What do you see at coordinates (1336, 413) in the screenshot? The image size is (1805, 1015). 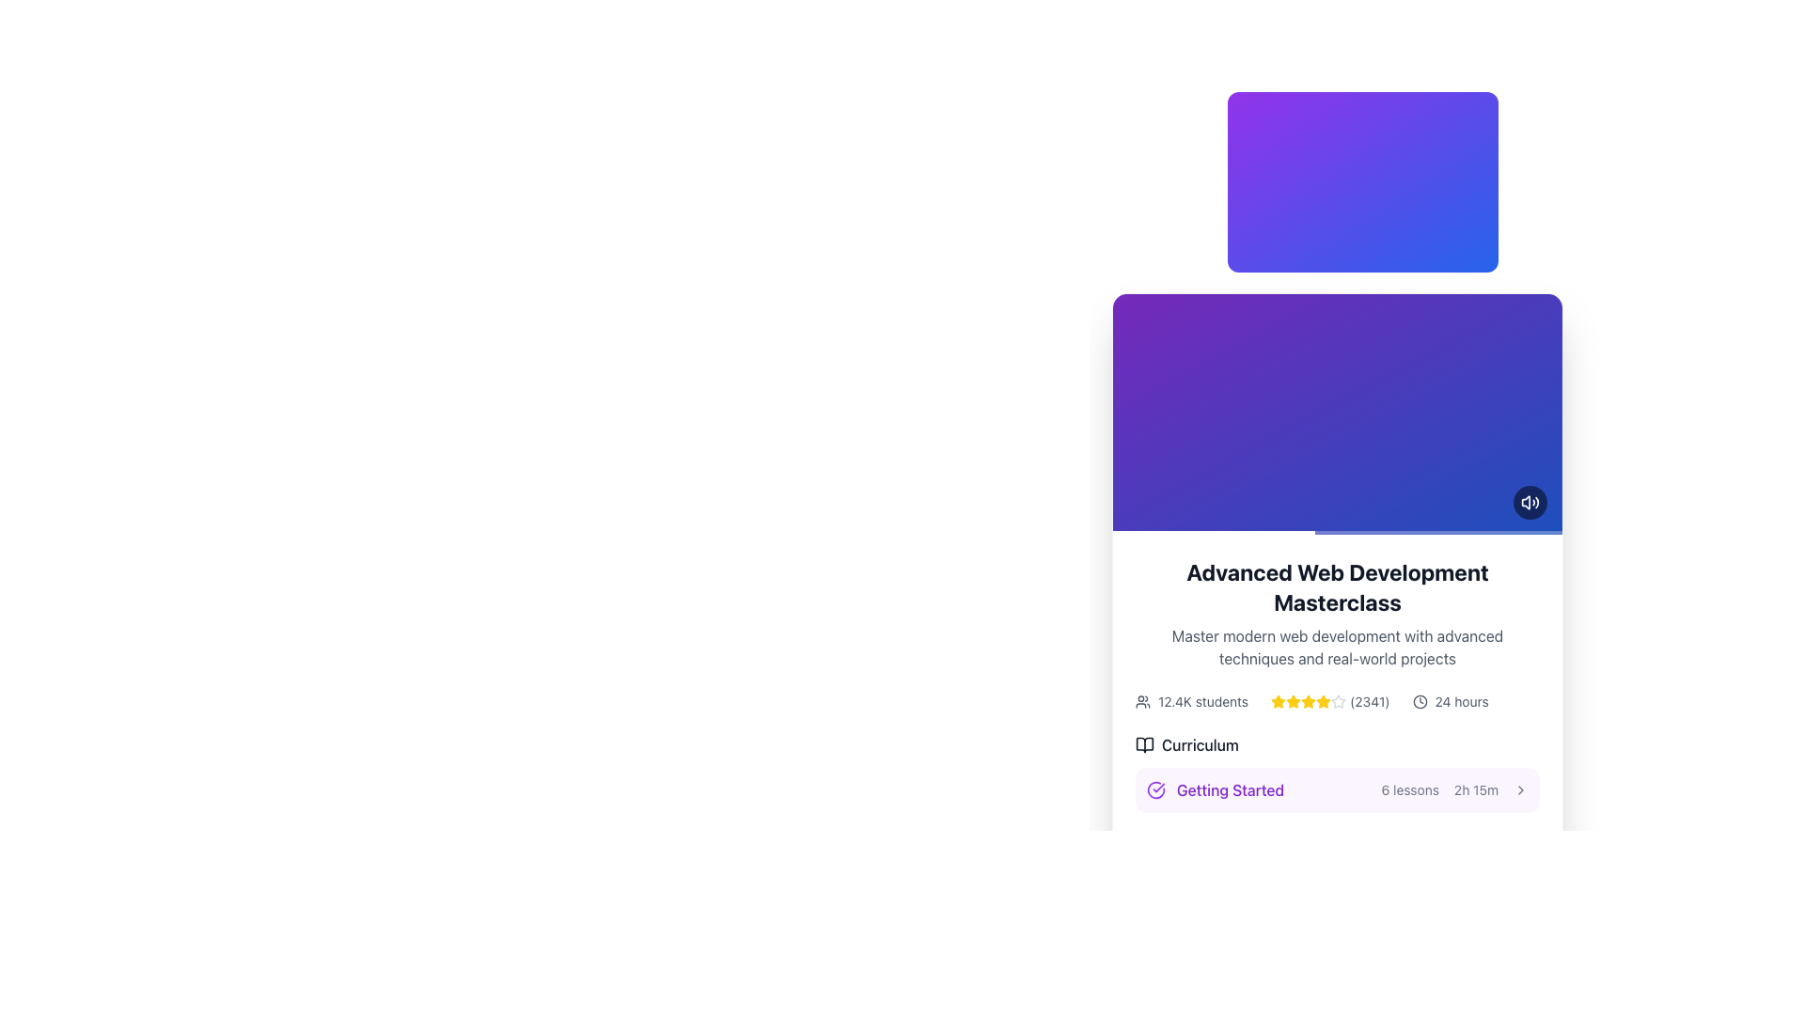 I see `the Decorative section at the top of the course card for 'Advanced Web Development Masterclass' to trigger potential effects` at bounding box center [1336, 413].